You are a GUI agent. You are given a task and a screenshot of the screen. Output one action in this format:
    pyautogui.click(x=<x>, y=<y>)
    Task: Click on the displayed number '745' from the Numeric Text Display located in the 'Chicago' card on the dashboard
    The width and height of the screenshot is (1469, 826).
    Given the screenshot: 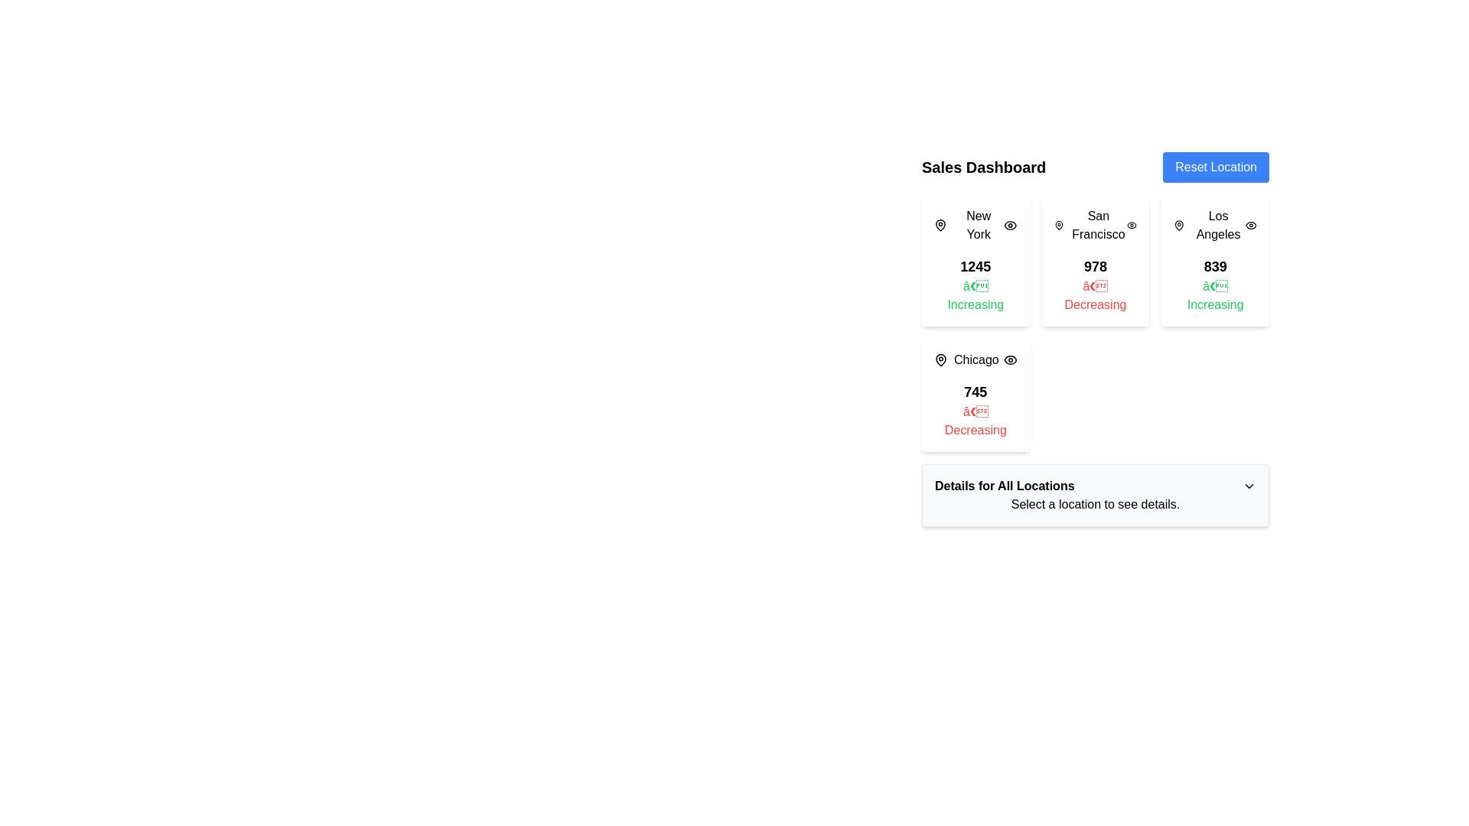 What is the action you would take?
    pyautogui.click(x=975, y=392)
    